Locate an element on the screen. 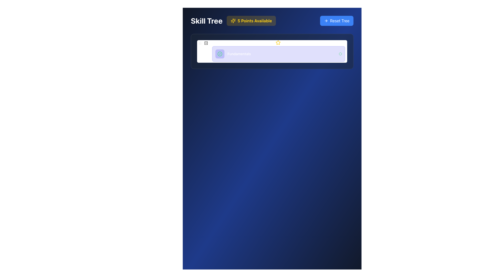  the square outline surrounding the '+' icon in the 'Skill Tree' panel is located at coordinates (206, 43).